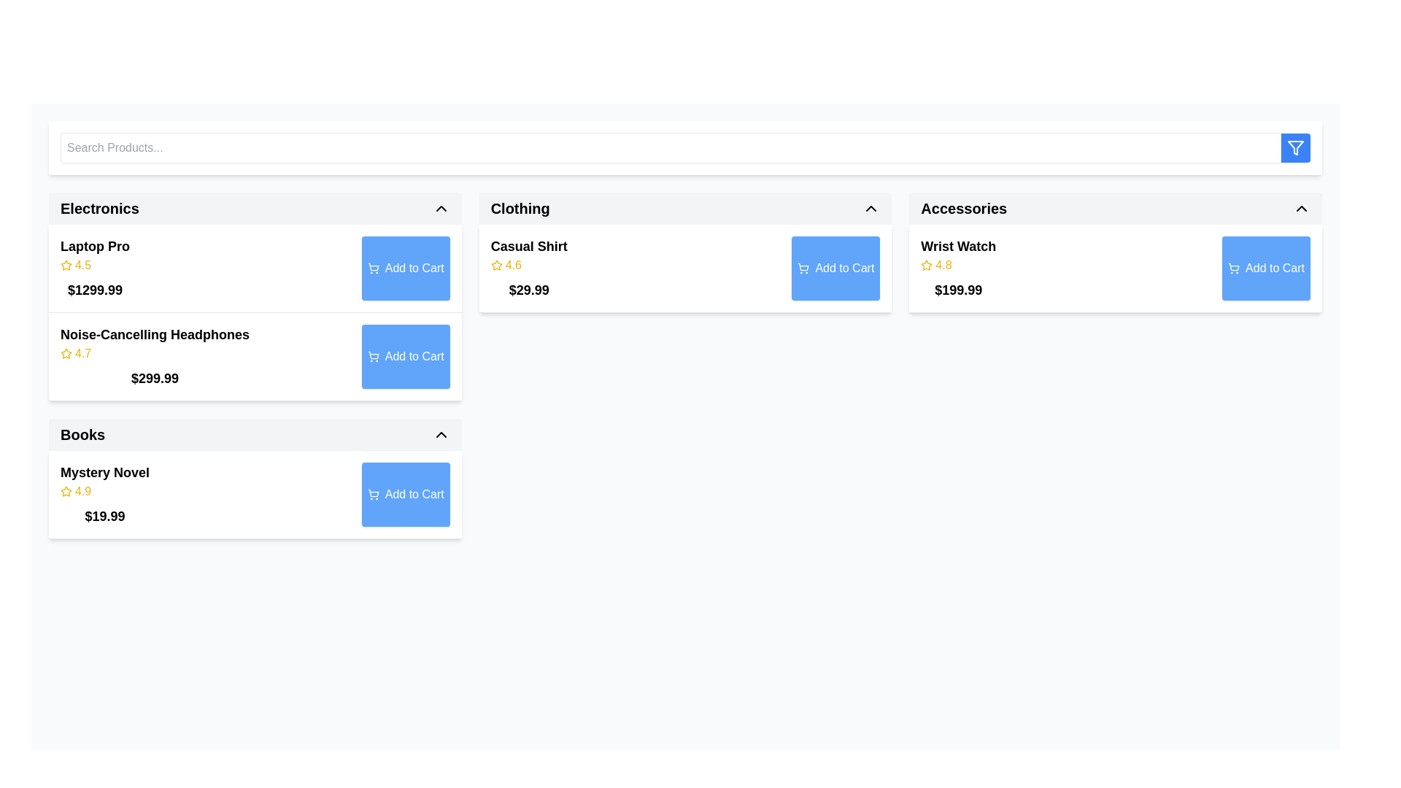 The height and width of the screenshot is (788, 1401). Describe the element at coordinates (82, 492) in the screenshot. I see `text label displaying the numerical value '4.9' in the rating component located in the 'Books' section for the 'Mystery Novel' product, which is adjacent to a gold star icon` at that location.